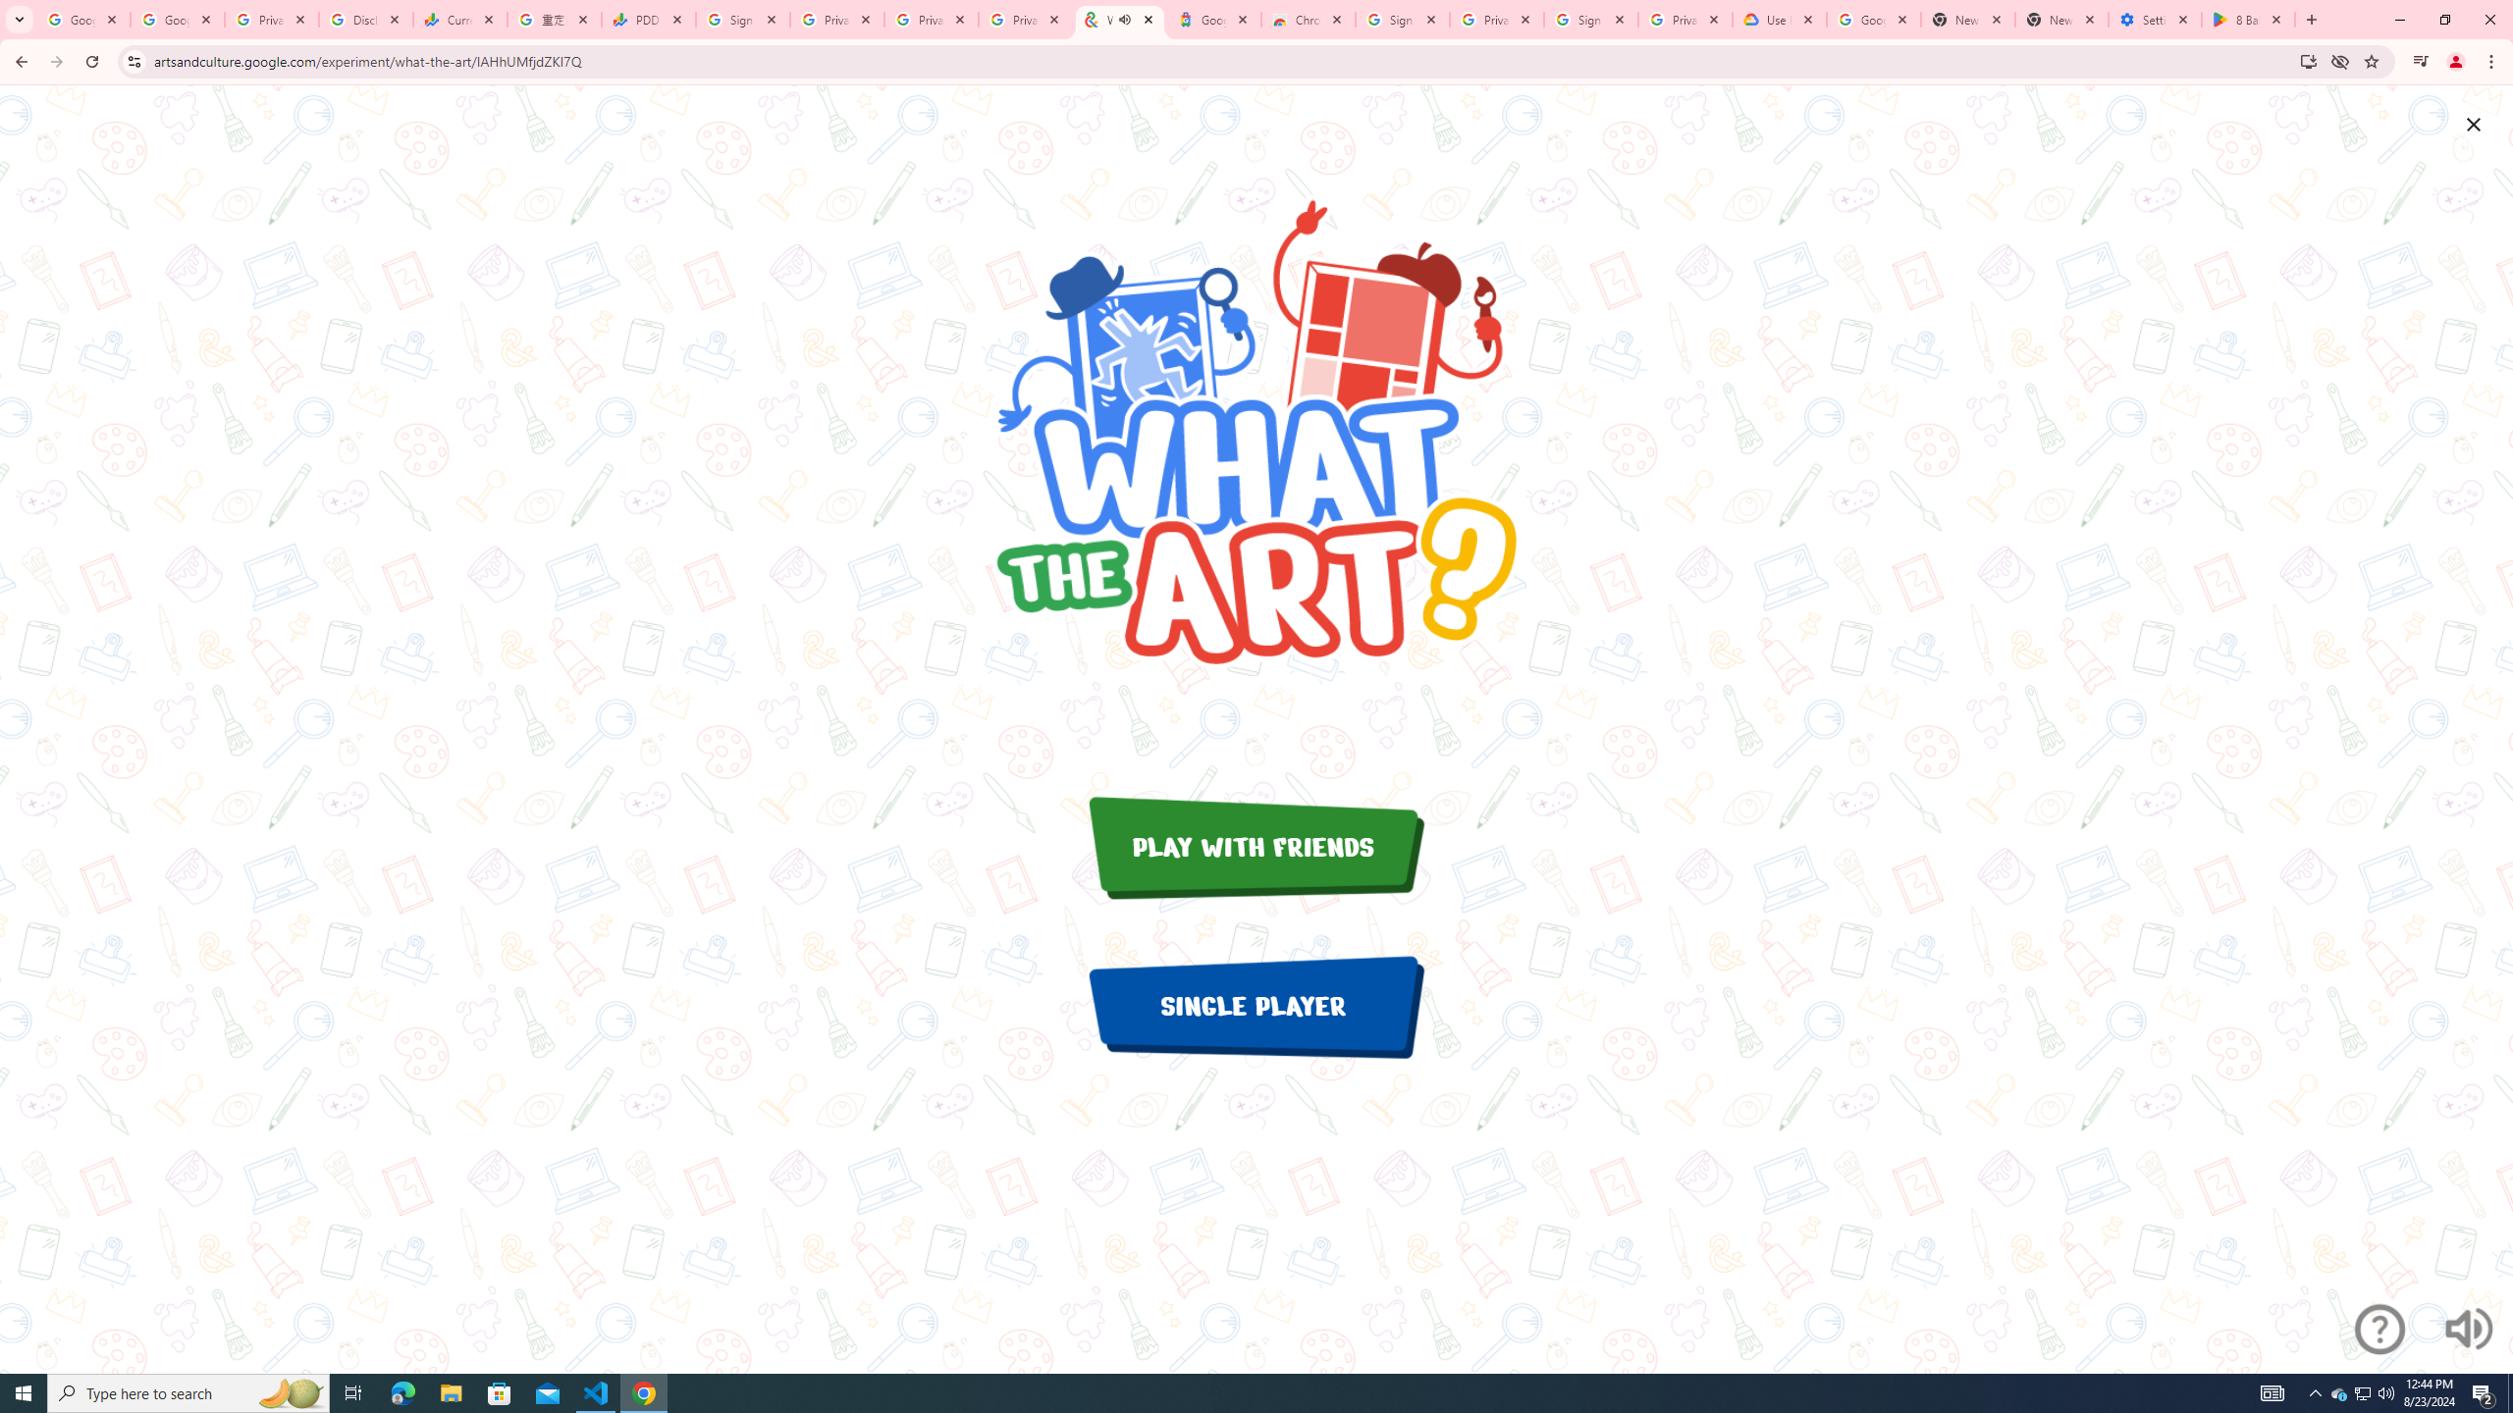  What do you see at coordinates (648, 19) in the screenshot?
I see `'PDD Holdings Inc - ADR (PDD) Price & News - Google Finance'` at bounding box center [648, 19].